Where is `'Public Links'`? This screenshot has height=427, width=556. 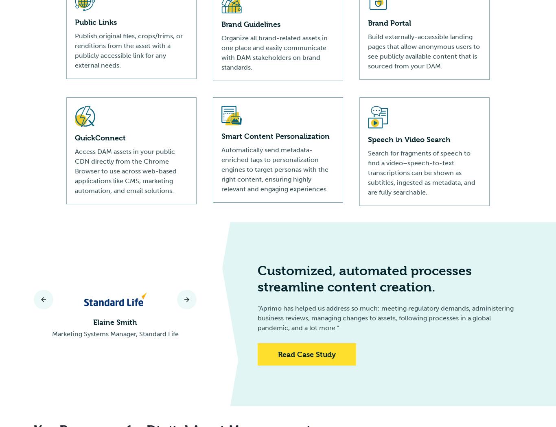 'Public Links' is located at coordinates (74, 22).